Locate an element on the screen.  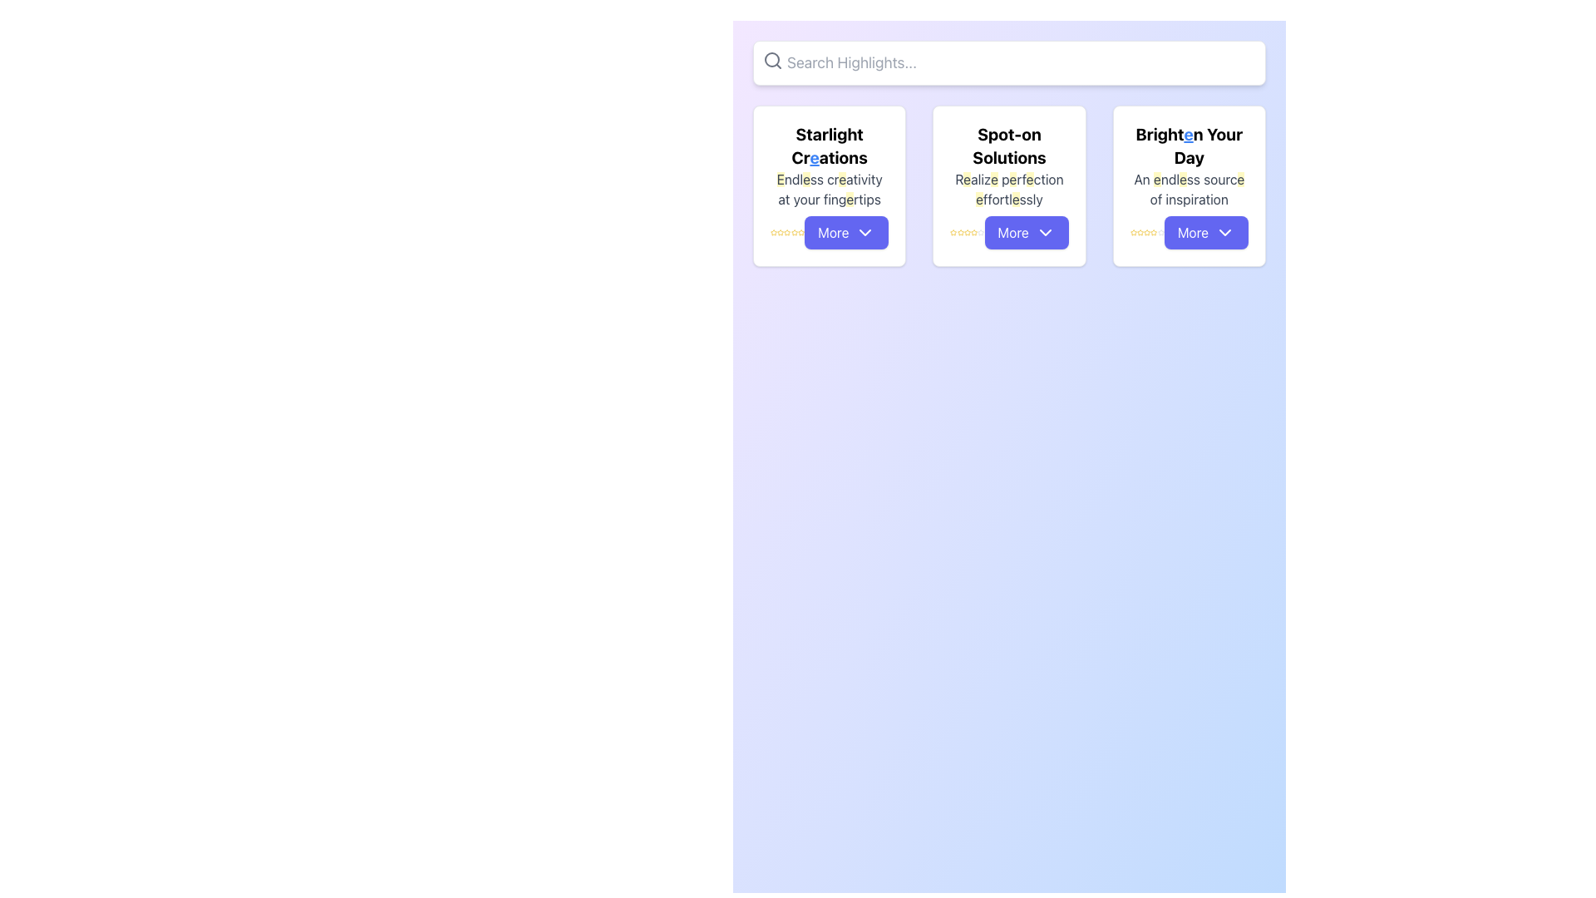
the supportive static text located below the header 'Brighten Your Day' in the third card of a horizontally aligned set of three cards is located at coordinates (1188, 188).